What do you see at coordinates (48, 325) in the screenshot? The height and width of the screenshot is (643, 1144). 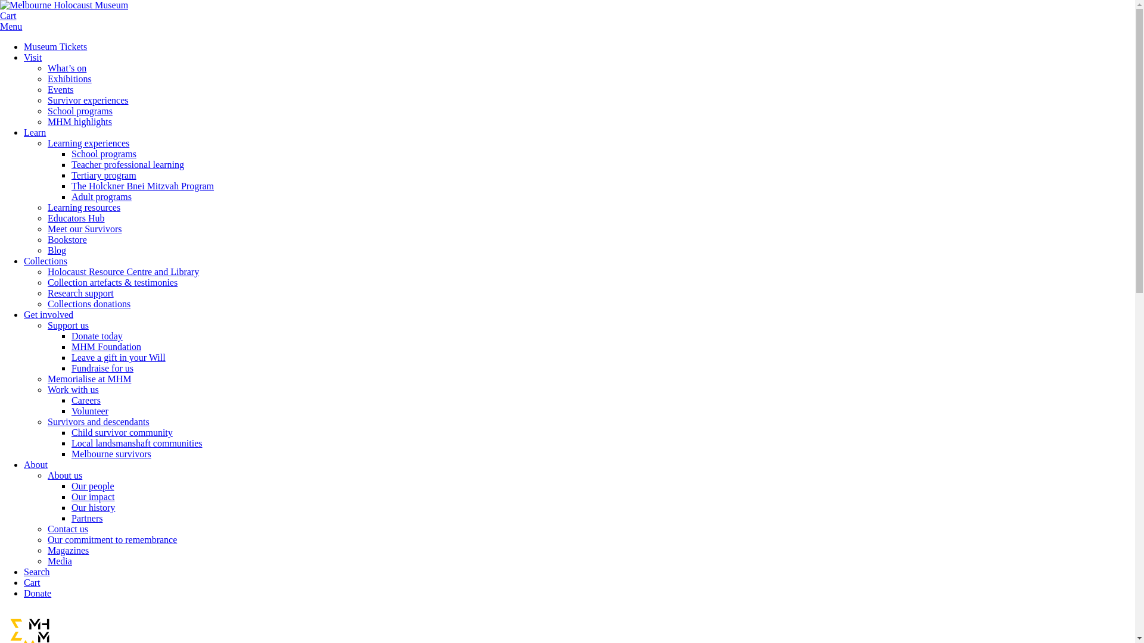 I see `'Support us'` at bounding box center [48, 325].